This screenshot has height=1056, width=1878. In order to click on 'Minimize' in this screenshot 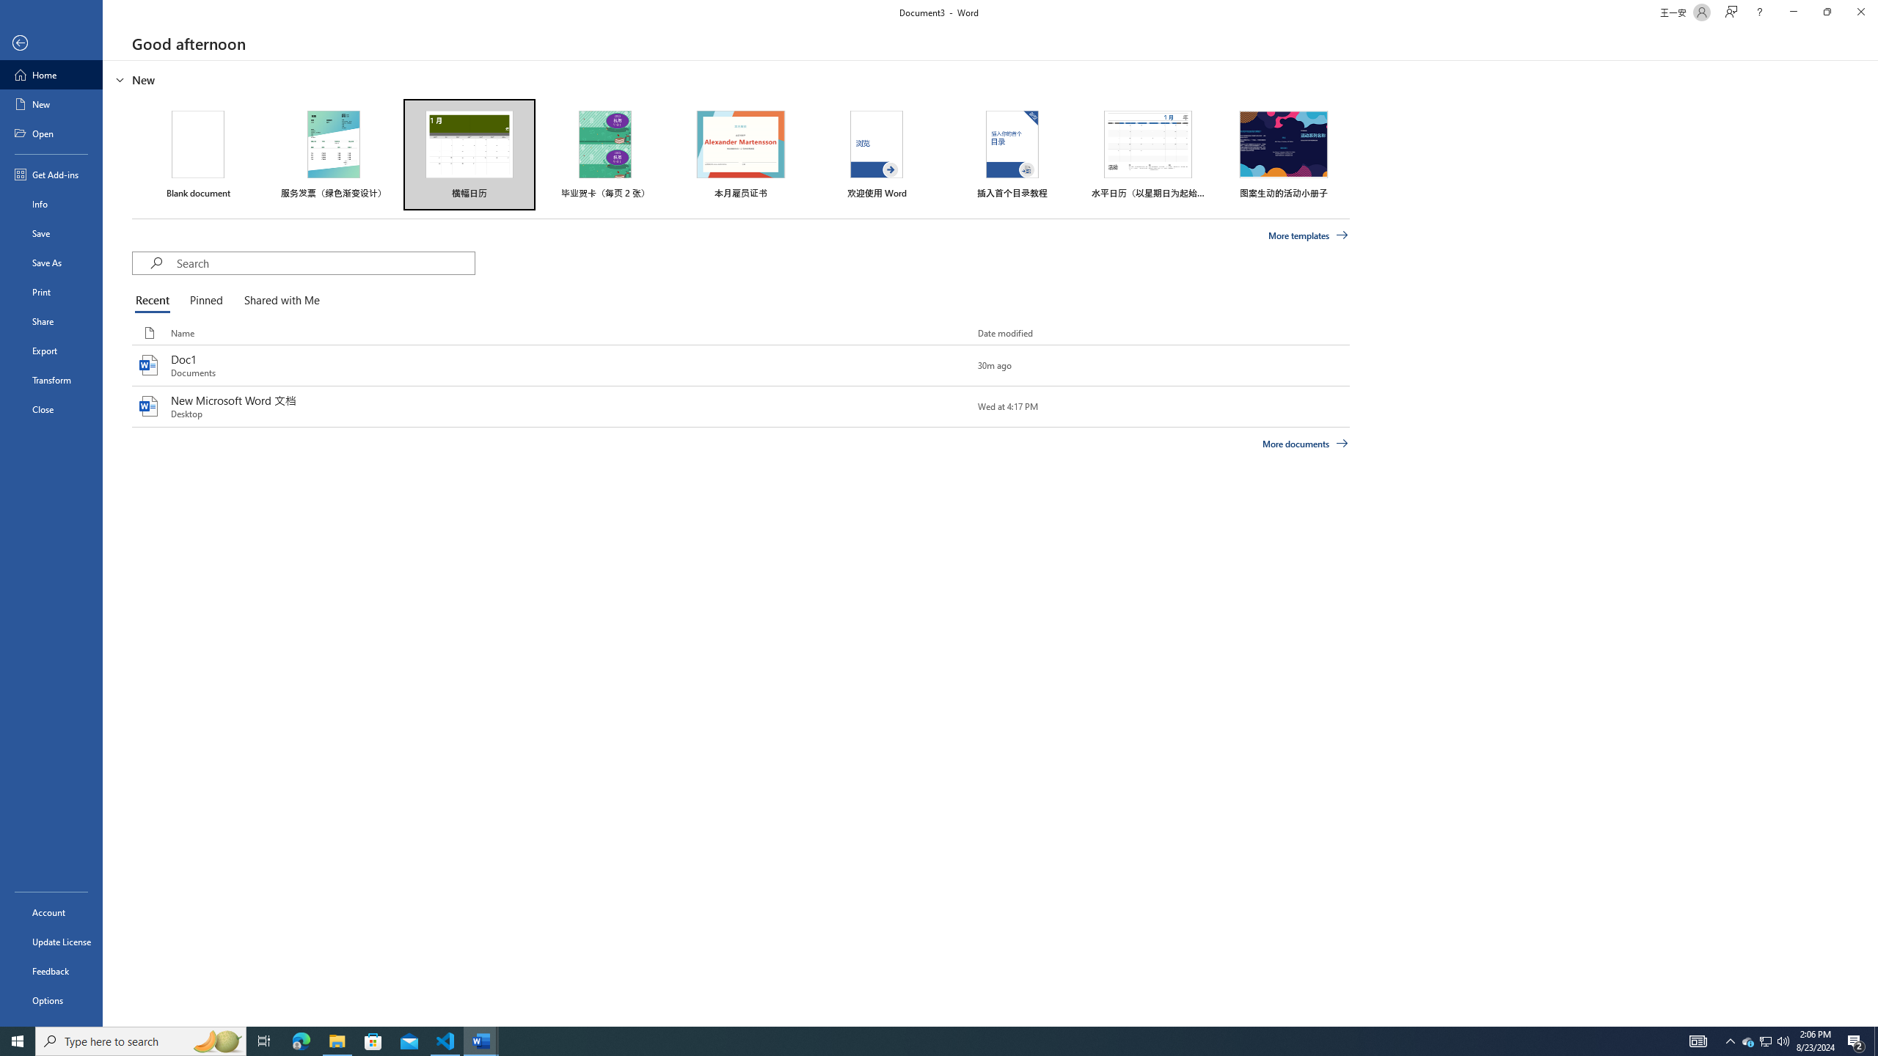, I will do `click(1792, 12)`.